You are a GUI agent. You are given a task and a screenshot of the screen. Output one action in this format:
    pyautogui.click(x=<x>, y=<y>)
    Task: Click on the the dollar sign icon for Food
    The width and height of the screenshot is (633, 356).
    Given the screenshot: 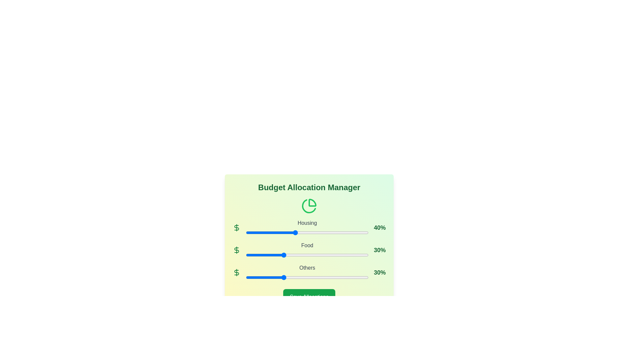 What is the action you would take?
    pyautogui.click(x=237, y=250)
    